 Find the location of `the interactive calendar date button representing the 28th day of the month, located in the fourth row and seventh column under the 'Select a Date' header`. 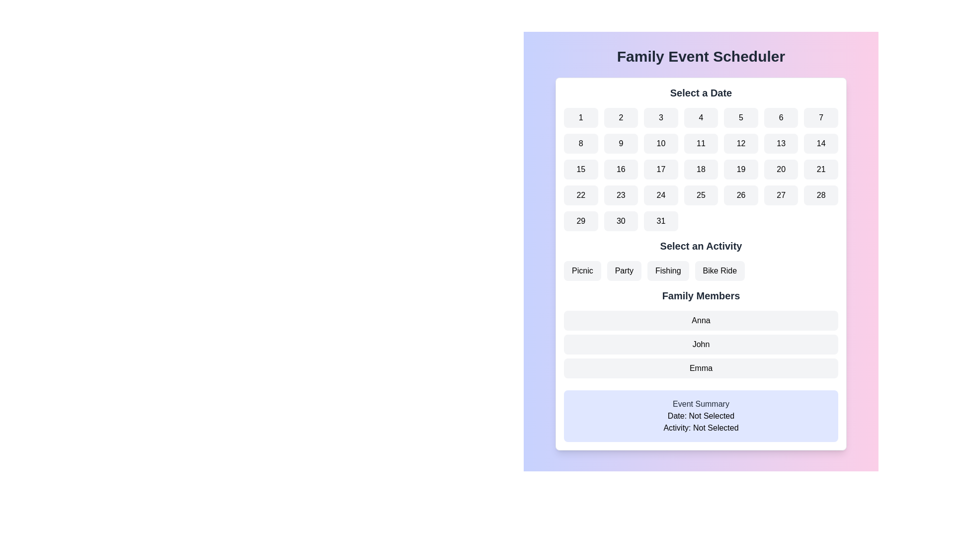

the interactive calendar date button representing the 28th day of the month, located in the fourth row and seventh column under the 'Select a Date' header is located at coordinates (821, 195).